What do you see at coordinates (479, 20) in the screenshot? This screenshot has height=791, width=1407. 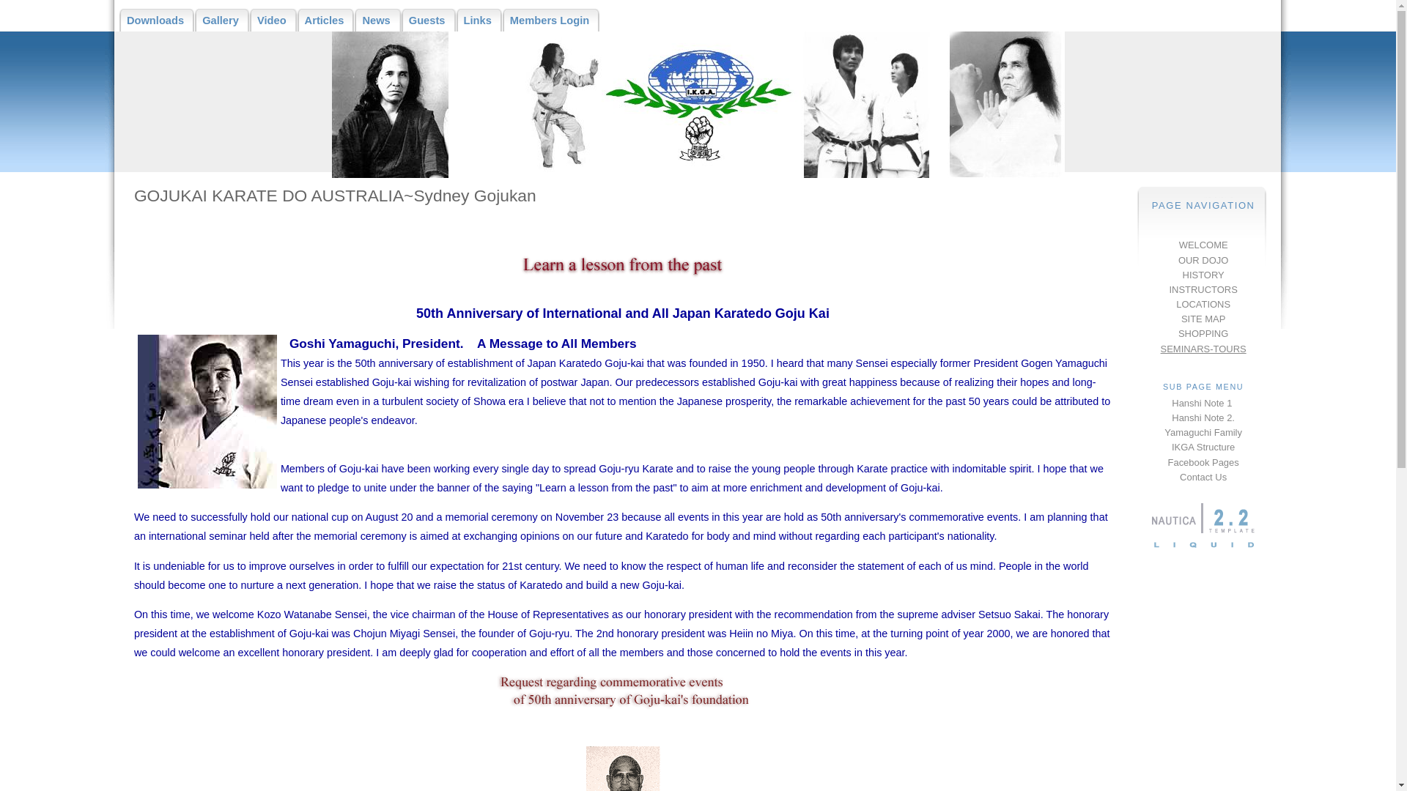 I see `'Links'` at bounding box center [479, 20].